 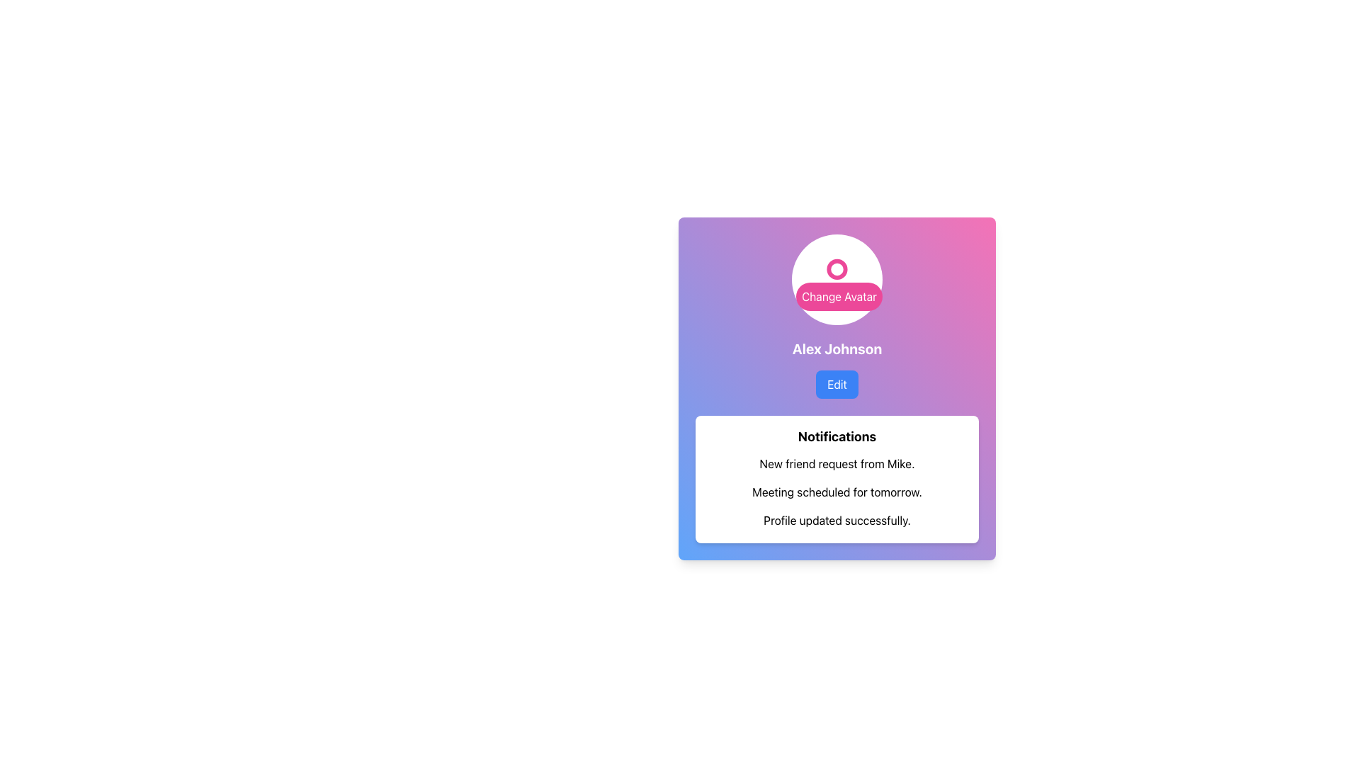 What do you see at coordinates (837, 279) in the screenshot?
I see `the prominent button with a pink background and white text reading 'Change Avatar'` at bounding box center [837, 279].